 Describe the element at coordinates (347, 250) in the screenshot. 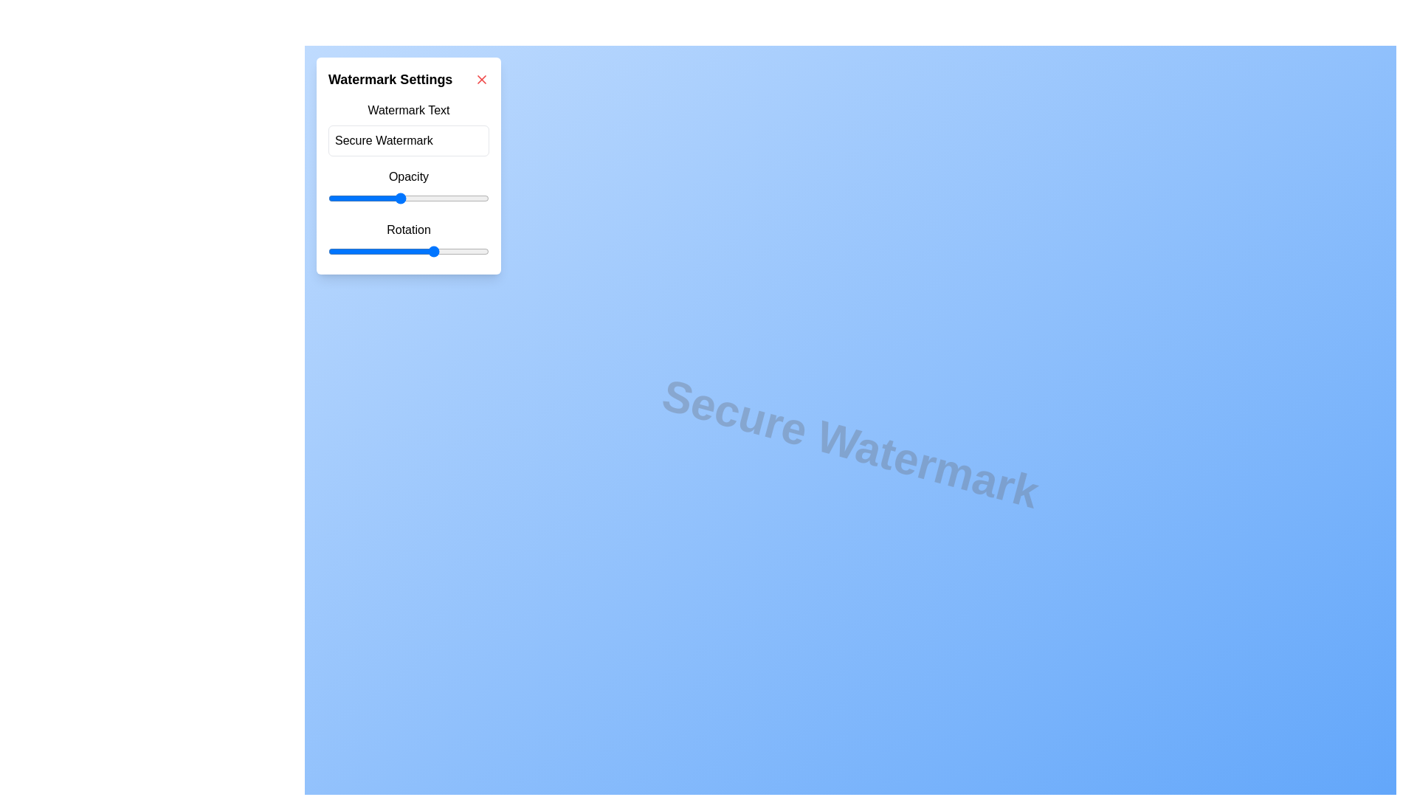

I see `the rotation value` at that location.